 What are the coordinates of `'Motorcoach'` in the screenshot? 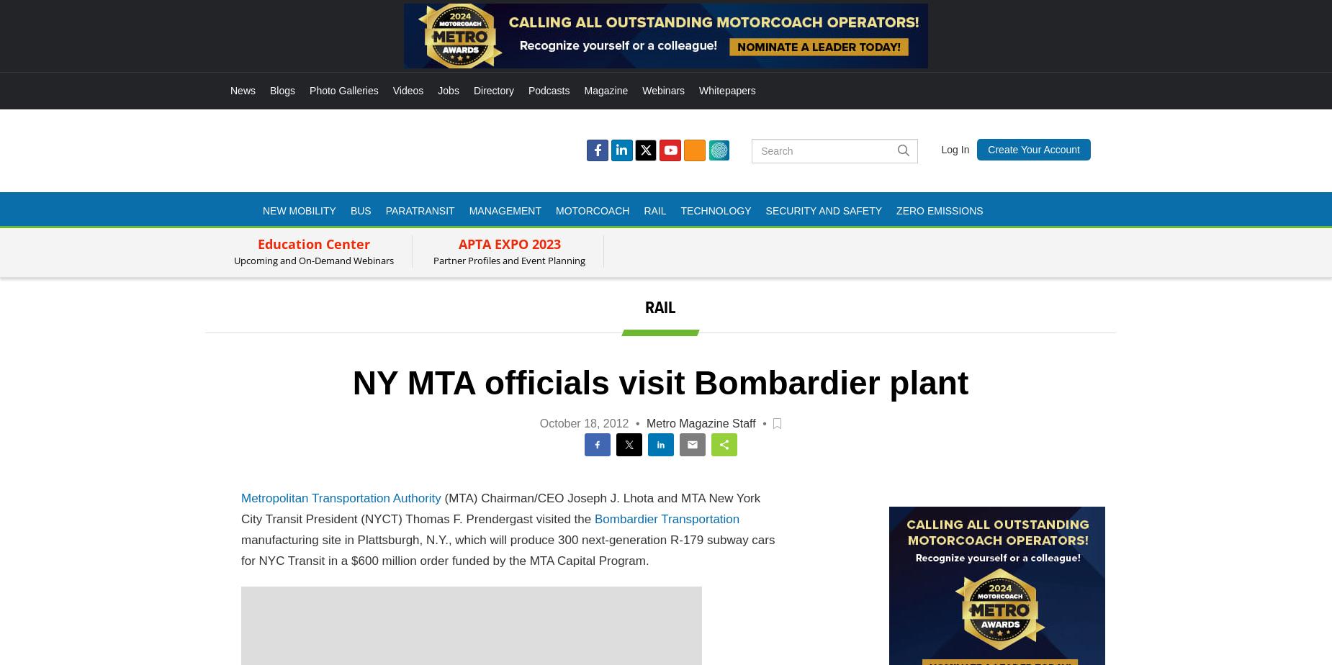 It's located at (555, 209).